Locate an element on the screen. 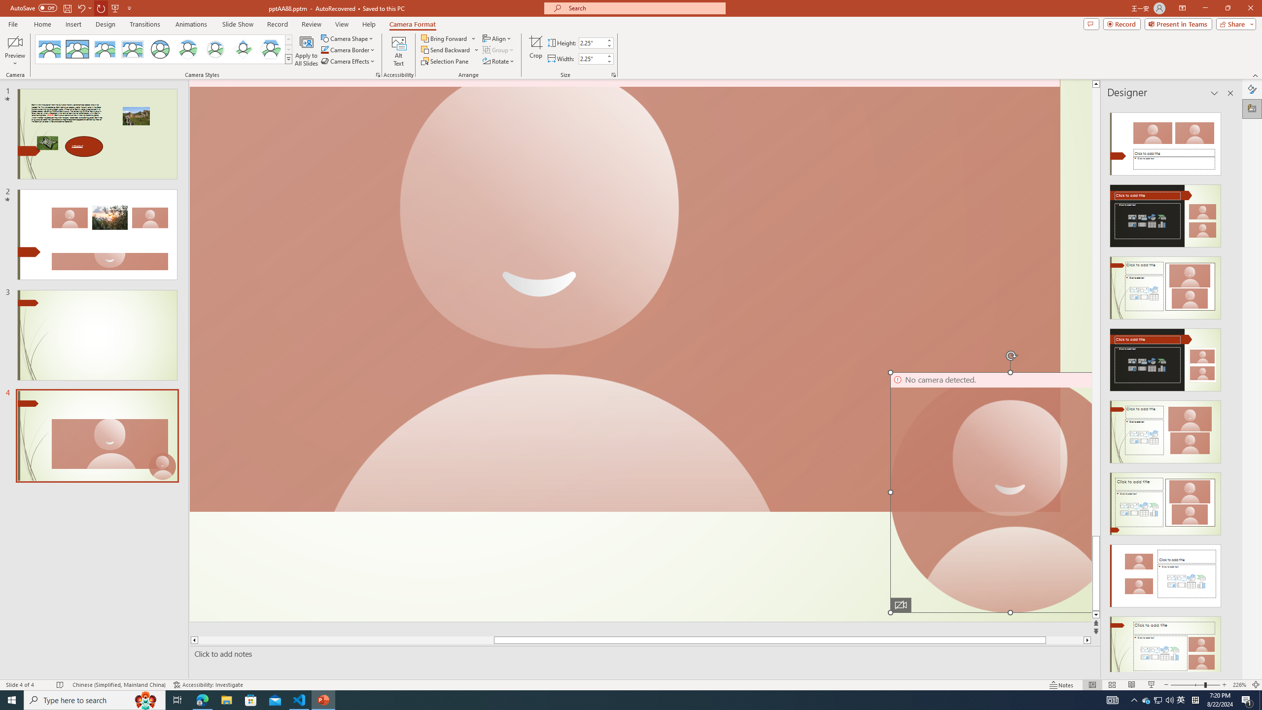 Image resolution: width=1262 pixels, height=710 pixels. 'Center Shadow Diamond' is located at coordinates (243, 49).